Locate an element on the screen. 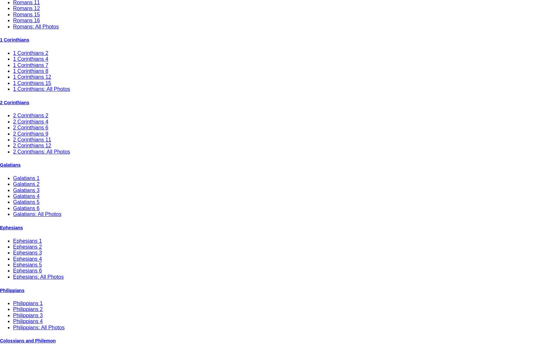 The image size is (557, 344). 'Philippians 3' is located at coordinates (27, 315).